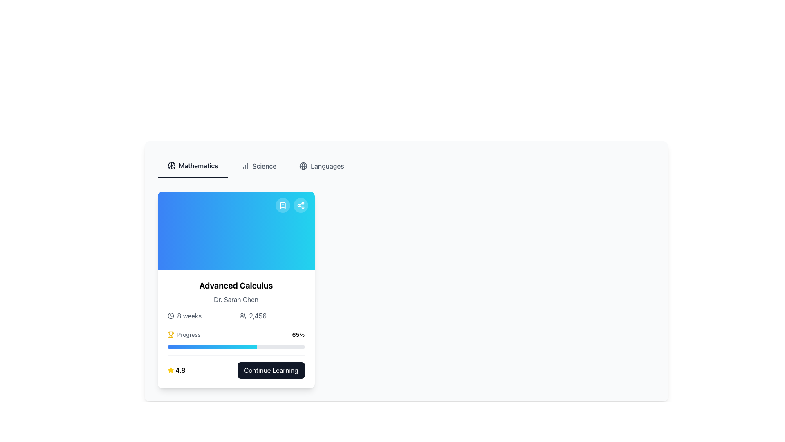 Image resolution: width=785 pixels, height=442 pixels. What do you see at coordinates (292, 205) in the screenshot?
I see `the grouped component of two buttons in the top-right corner of the gradient blue card` at bounding box center [292, 205].